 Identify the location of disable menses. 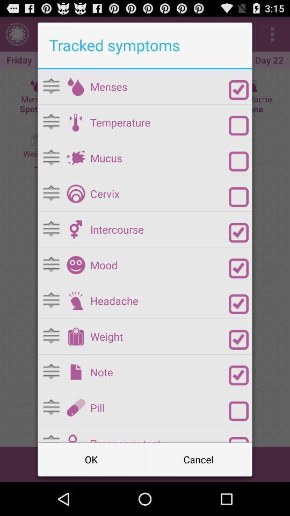
(238, 89).